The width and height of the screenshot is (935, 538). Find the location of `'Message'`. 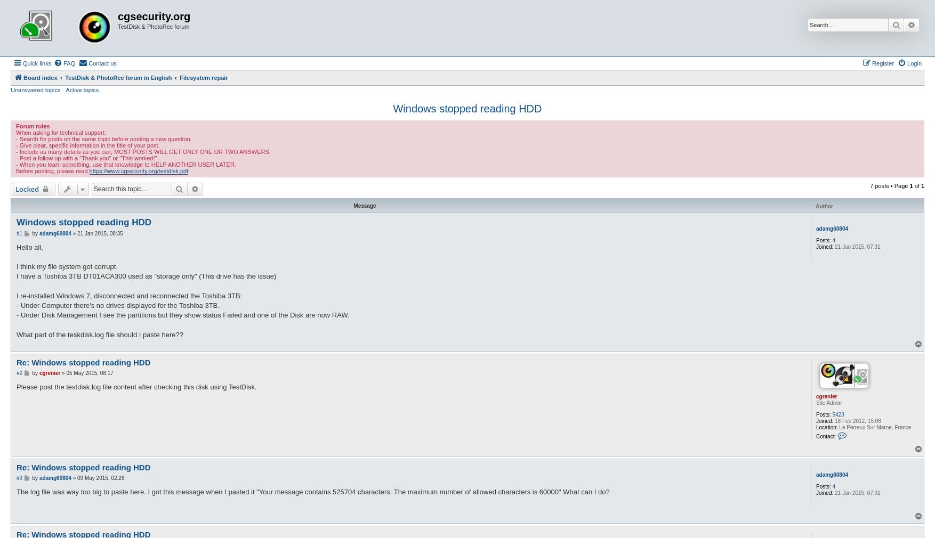

'Message' is located at coordinates (353, 205).